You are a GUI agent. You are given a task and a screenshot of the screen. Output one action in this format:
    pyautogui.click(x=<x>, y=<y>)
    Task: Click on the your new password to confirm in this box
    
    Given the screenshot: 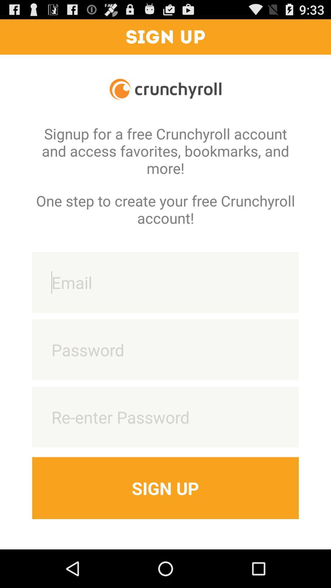 What is the action you would take?
    pyautogui.click(x=165, y=417)
    